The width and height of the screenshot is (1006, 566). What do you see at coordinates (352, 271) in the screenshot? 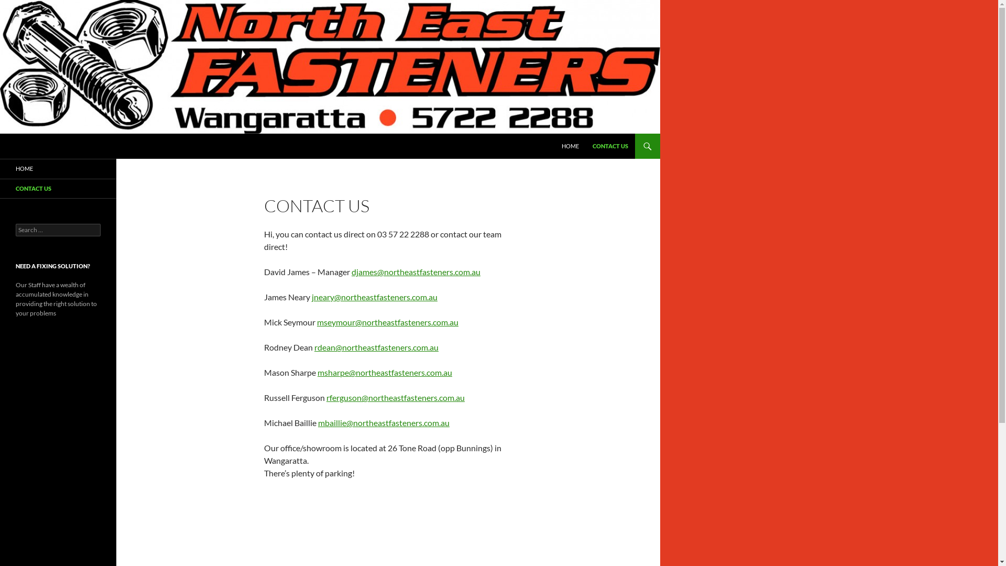
I see `'djames@northeastfasteners.com.au'` at bounding box center [352, 271].